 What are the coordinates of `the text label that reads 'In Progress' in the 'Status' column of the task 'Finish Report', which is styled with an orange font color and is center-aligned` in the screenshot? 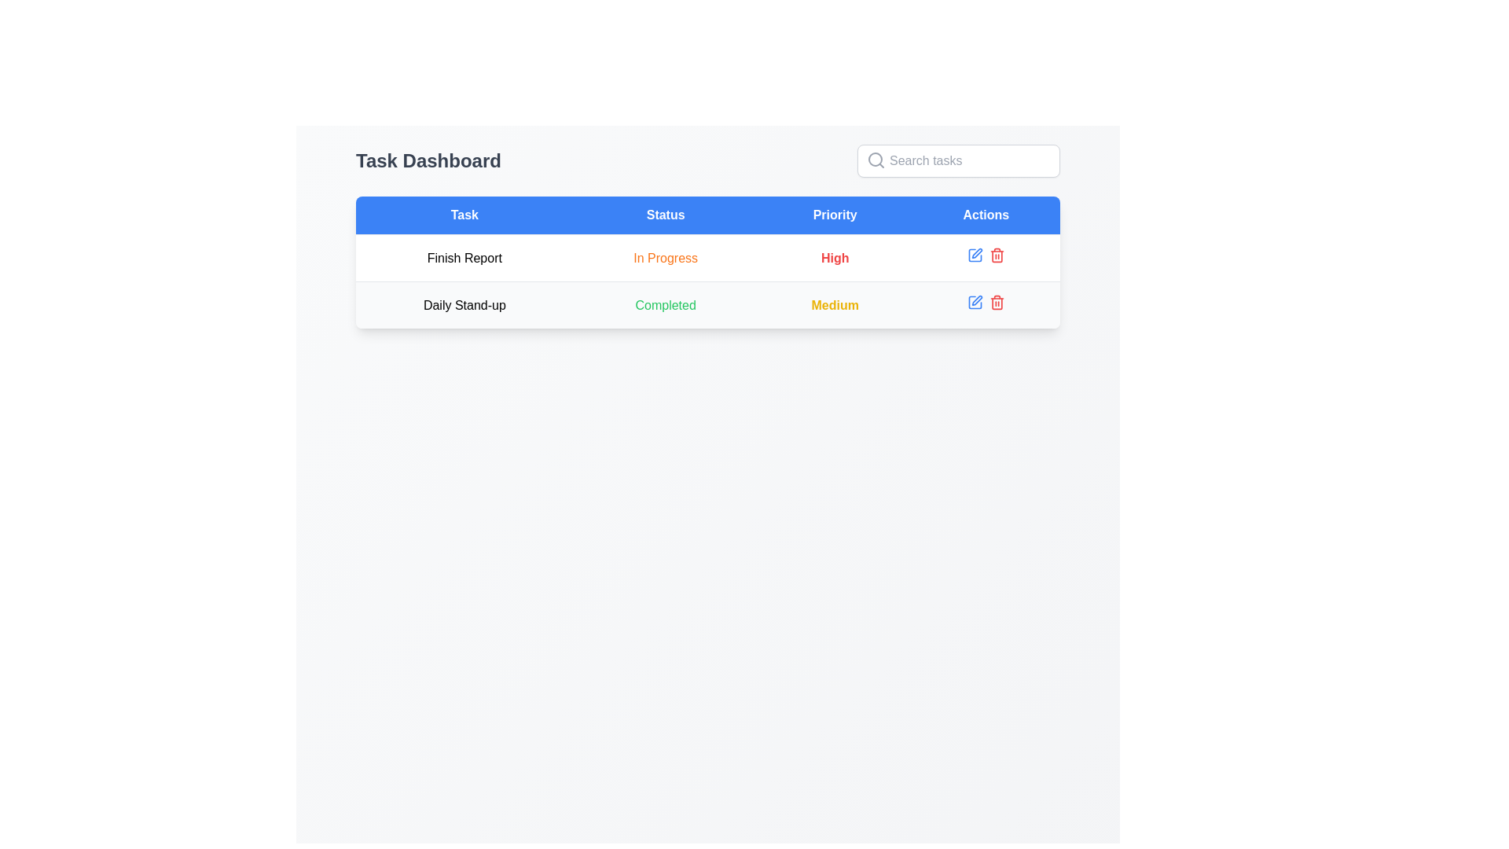 It's located at (666, 257).